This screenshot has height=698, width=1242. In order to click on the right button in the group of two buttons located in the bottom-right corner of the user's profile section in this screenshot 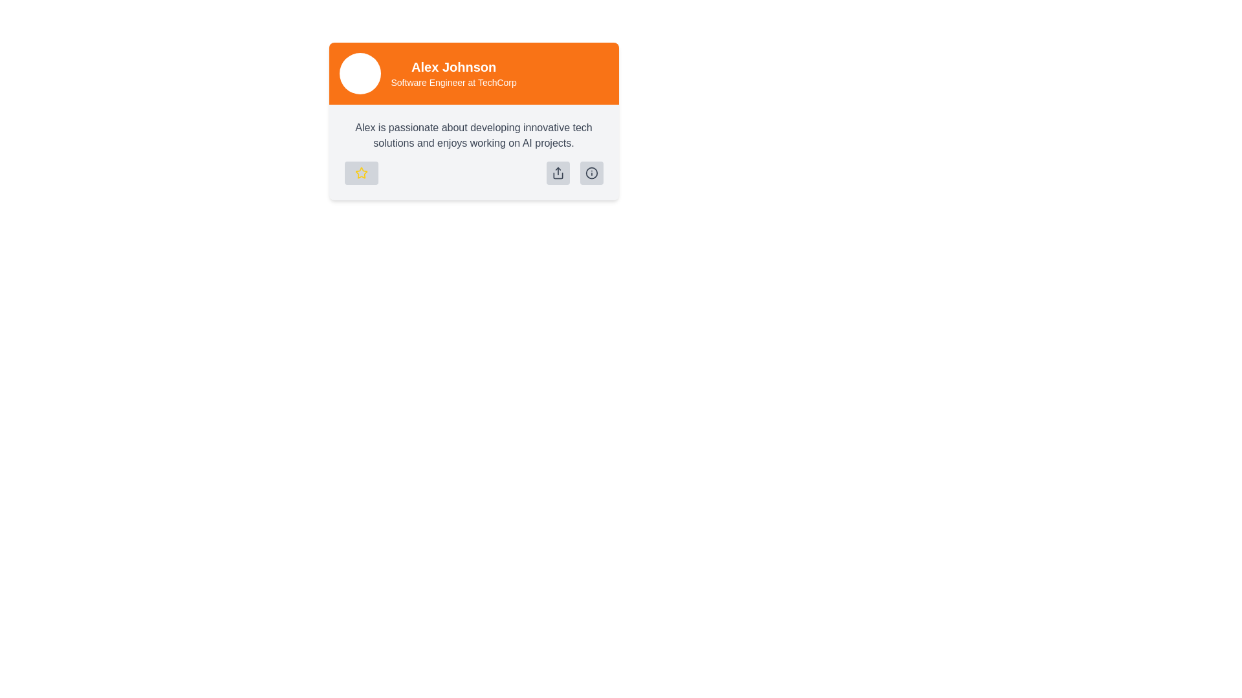, I will do `click(574, 172)`.